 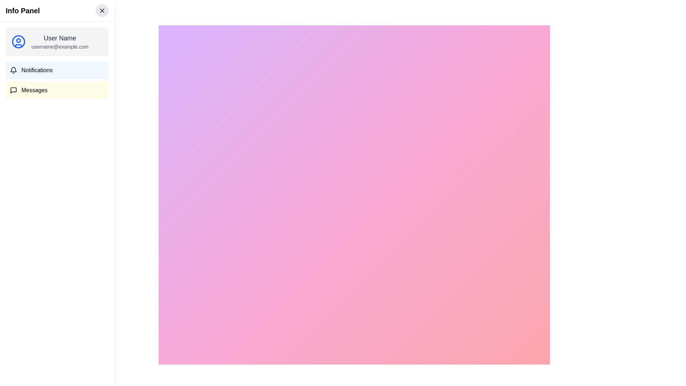 What do you see at coordinates (102, 11) in the screenshot?
I see `the Close icon within the circular button located at the top-right corner of the sidebar panel, adjacent to the 'Info Panel' title text` at bounding box center [102, 11].